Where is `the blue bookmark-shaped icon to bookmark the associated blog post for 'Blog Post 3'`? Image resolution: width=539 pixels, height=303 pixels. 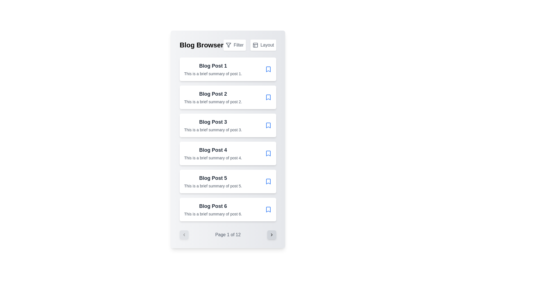 the blue bookmark-shaped icon to bookmark the associated blog post for 'Blog Post 3' is located at coordinates (268, 125).